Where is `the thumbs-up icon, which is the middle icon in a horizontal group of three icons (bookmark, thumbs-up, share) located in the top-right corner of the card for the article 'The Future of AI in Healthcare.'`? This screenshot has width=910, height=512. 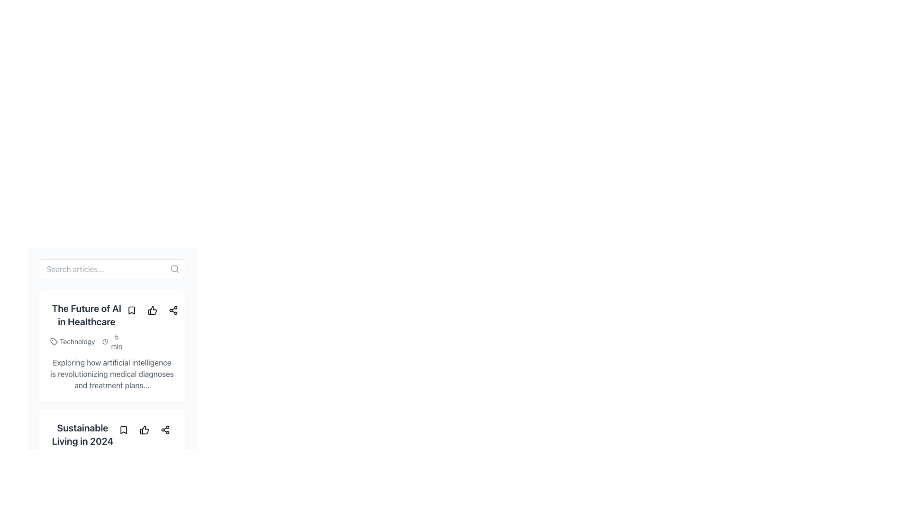
the thumbs-up icon, which is the middle icon in a horizontal group of three icons (bookmark, thumbs-up, share) located in the top-right corner of the card for the article 'The Future of AI in Healthcare.' is located at coordinates (152, 311).